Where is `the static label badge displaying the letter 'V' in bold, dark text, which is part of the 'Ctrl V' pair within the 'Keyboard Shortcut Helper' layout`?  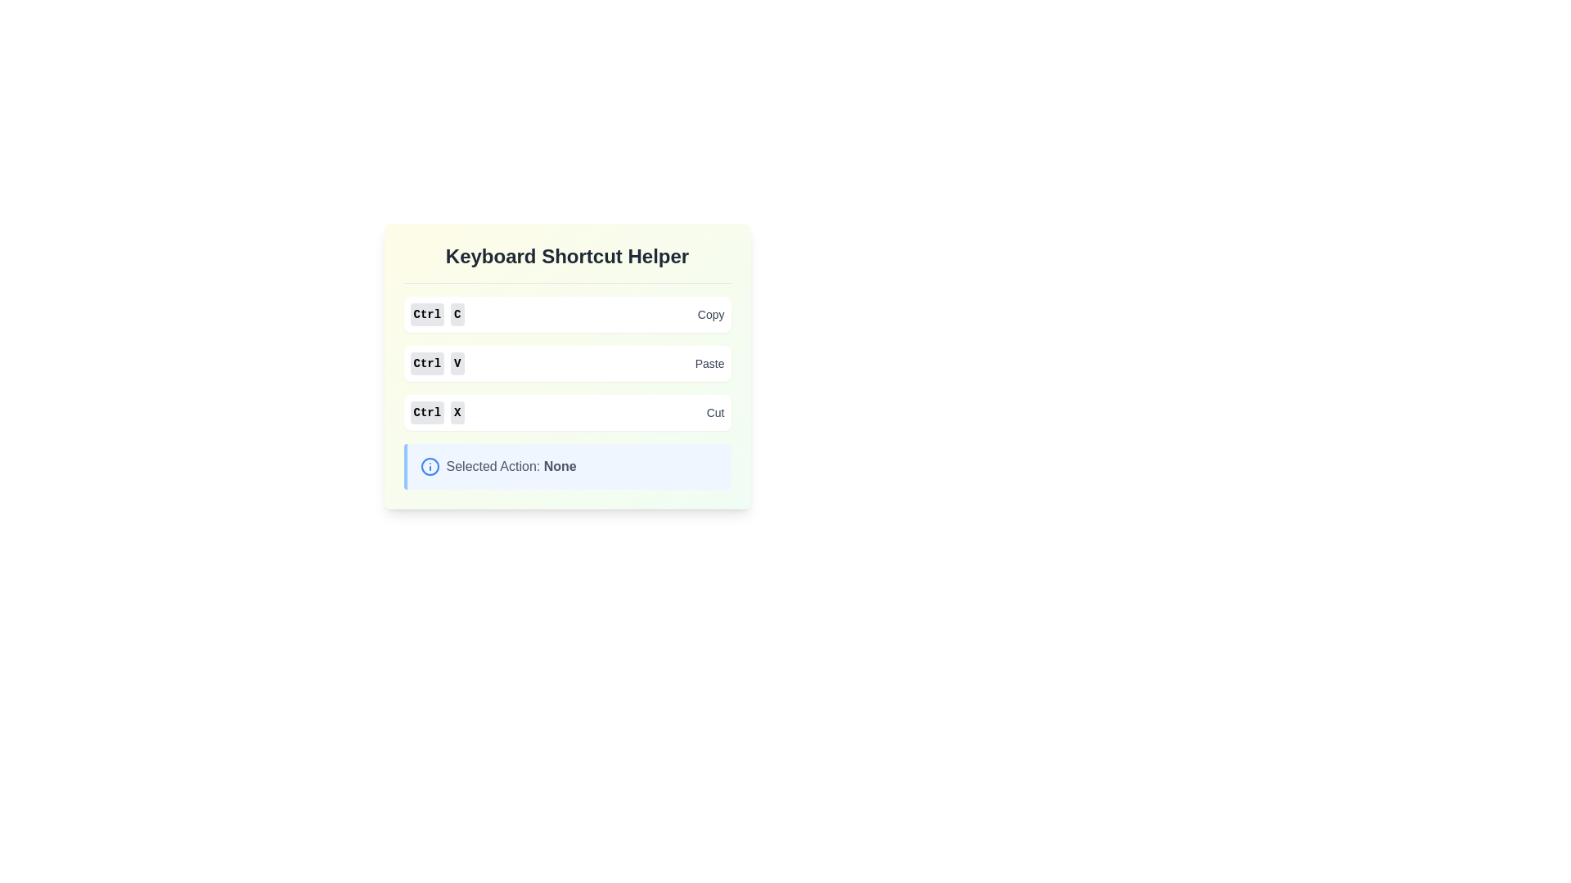
the static label badge displaying the letter 'V' in bold, dark text, which is part of the 'Ctrl V' pair within the 'Keyboard Shortcut Helper' layout is located at coordinates (457, 362).